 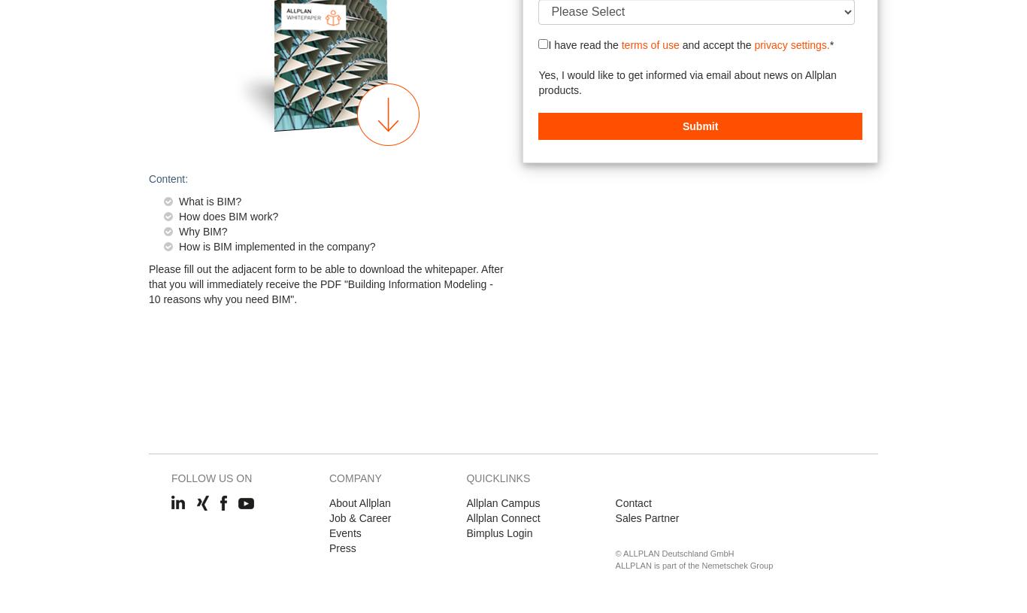 I want to click on 'and accept the', so click(x=678, y=44).